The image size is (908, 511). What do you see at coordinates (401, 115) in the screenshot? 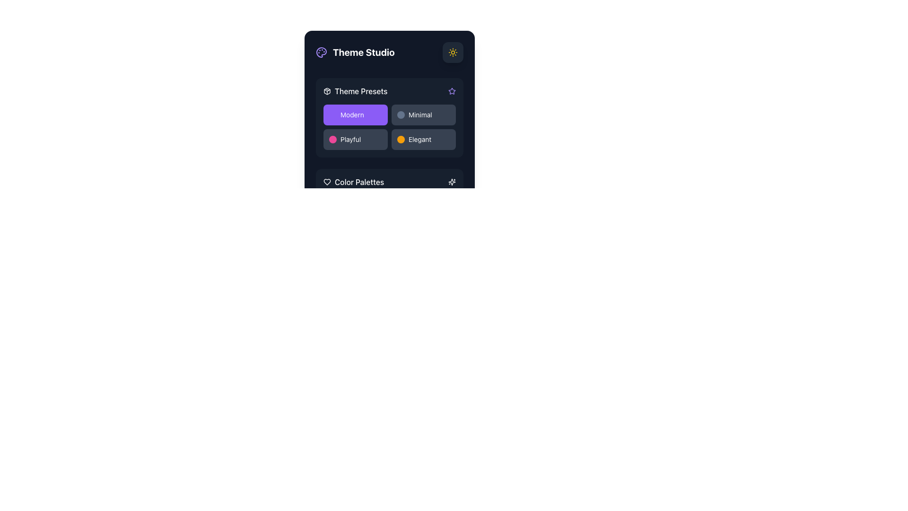
I see `the Circular decoration element located to the left of the text inside the 'Minimal' button, which serves as a visual indicator or decoration` at bounding box center [401, 115].